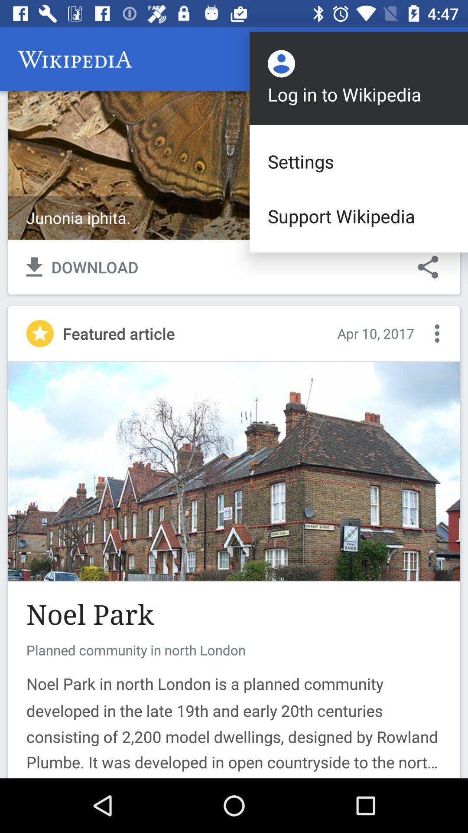  Describe the element at coordinates (359, 216) in the screenshot. I see `the support wikipedia` at that location.